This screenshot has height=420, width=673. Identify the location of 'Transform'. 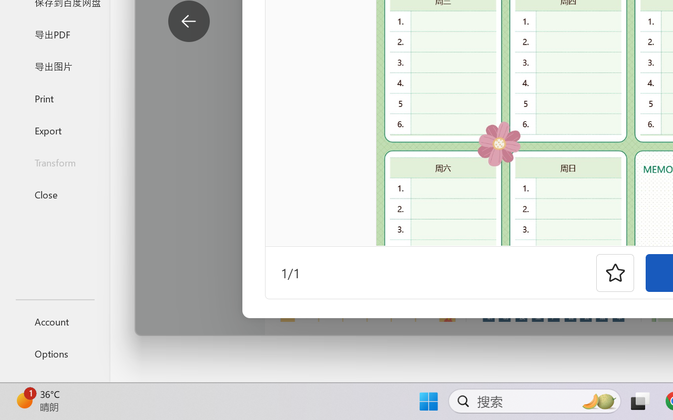
(54, 162).